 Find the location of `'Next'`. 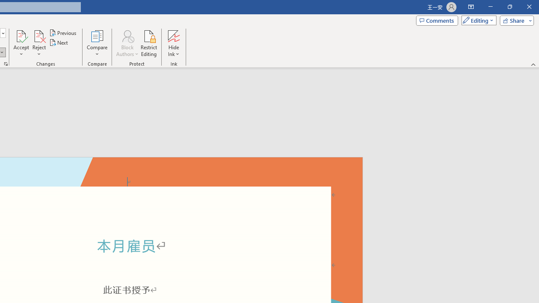

'Next' is located at coordinates (59, 43).